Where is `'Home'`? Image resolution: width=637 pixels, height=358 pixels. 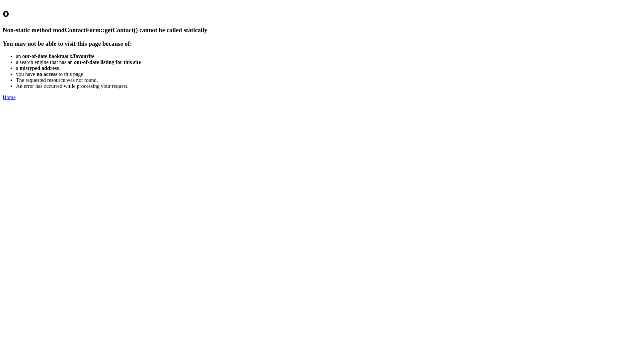
'Home' is located at coordinates (9, 97).